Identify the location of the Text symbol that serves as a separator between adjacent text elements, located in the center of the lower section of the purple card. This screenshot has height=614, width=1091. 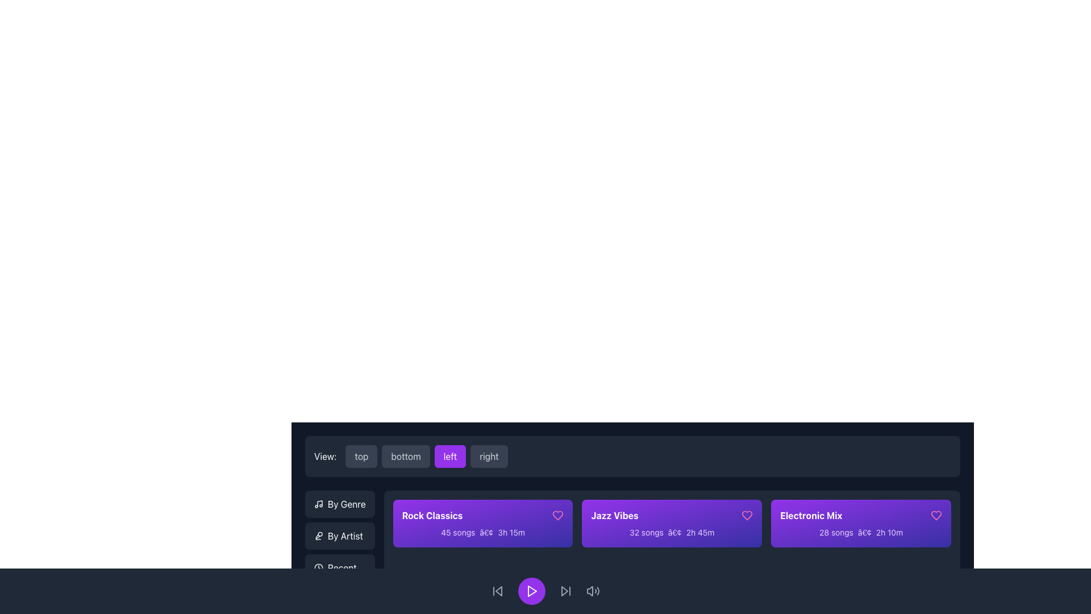
(486, 532).